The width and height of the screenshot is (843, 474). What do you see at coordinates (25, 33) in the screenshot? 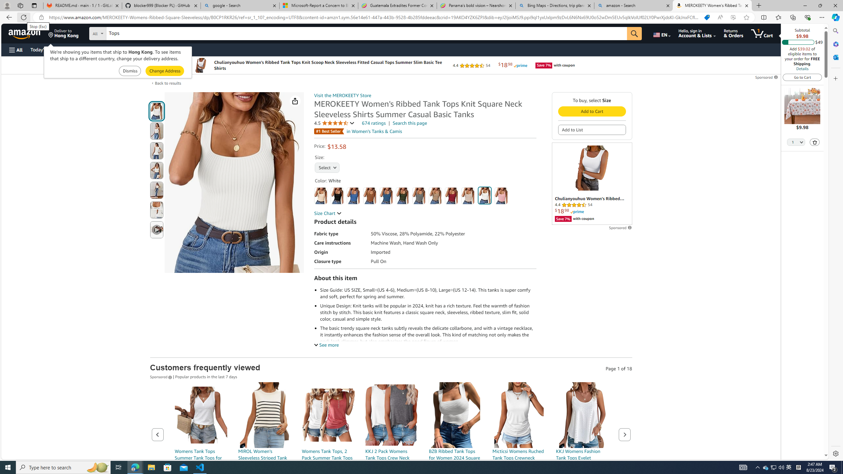
I see `'Amazon'` at bounding box center [25, 33].